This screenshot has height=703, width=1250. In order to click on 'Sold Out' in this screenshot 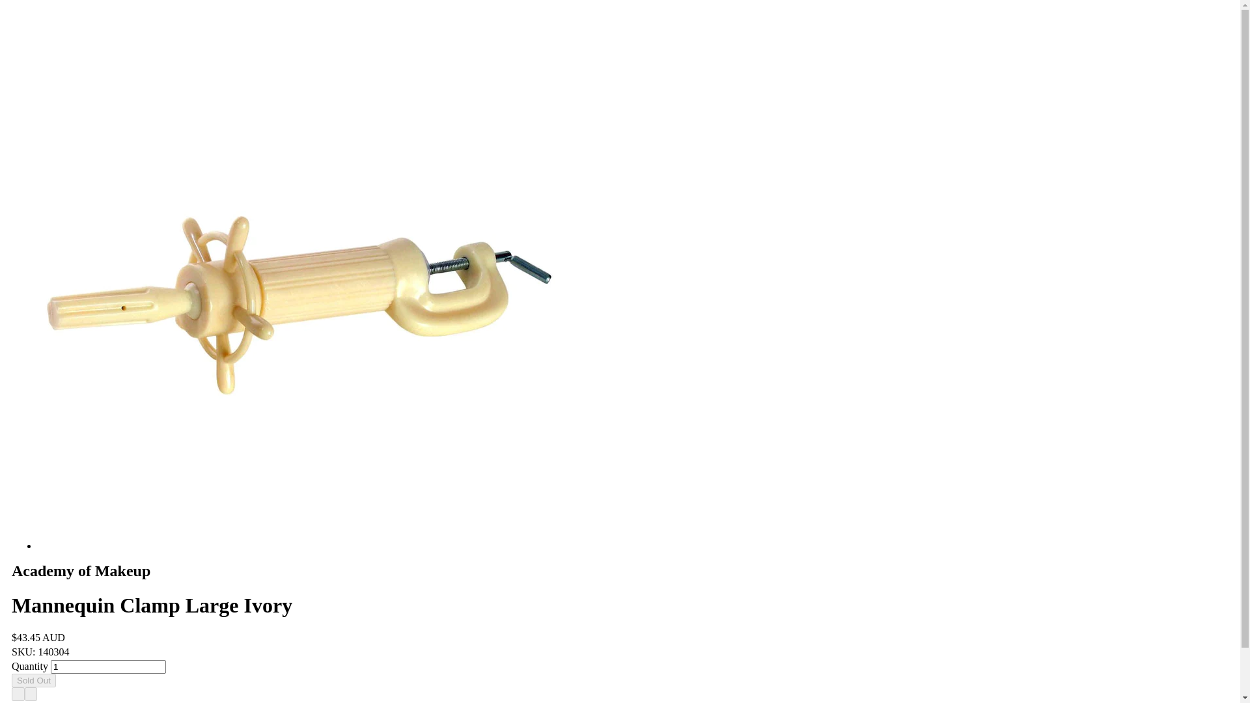, I will do `click(12, 680)`.